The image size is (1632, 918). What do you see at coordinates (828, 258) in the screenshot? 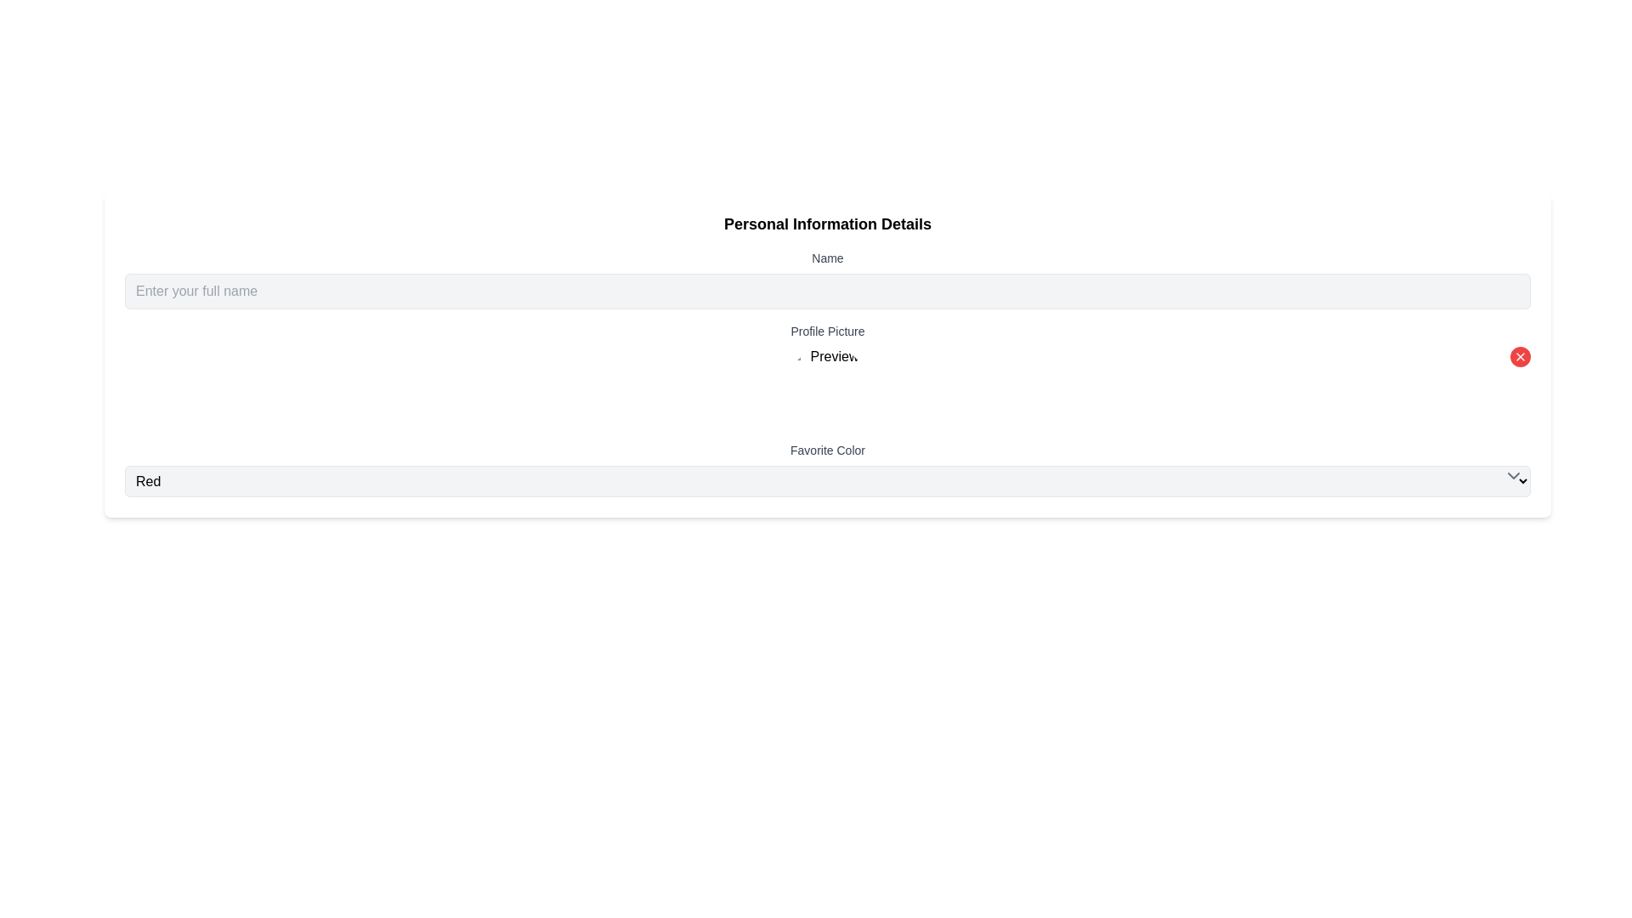
I see `the descriptive label located at the top-center of the layout, which is positioned above the text input field` at bounding box center [828, 258].